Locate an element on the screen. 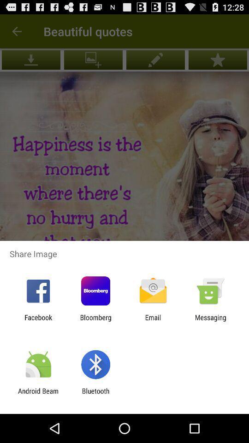  app next to the bluetooth icon is located at coordinates (38, 395).